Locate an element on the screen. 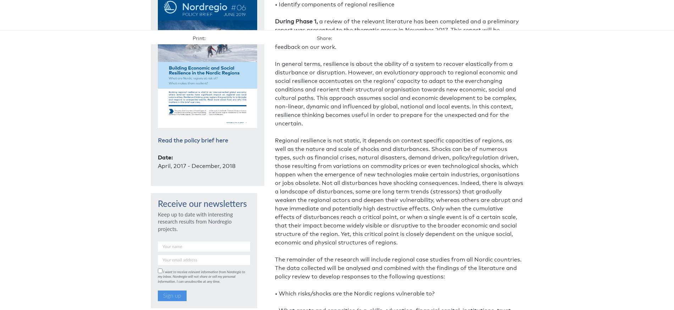 The height and width of the screenshot is (310, 674). '• Identify components of regional resilience' is located at coordinates (334, 4).